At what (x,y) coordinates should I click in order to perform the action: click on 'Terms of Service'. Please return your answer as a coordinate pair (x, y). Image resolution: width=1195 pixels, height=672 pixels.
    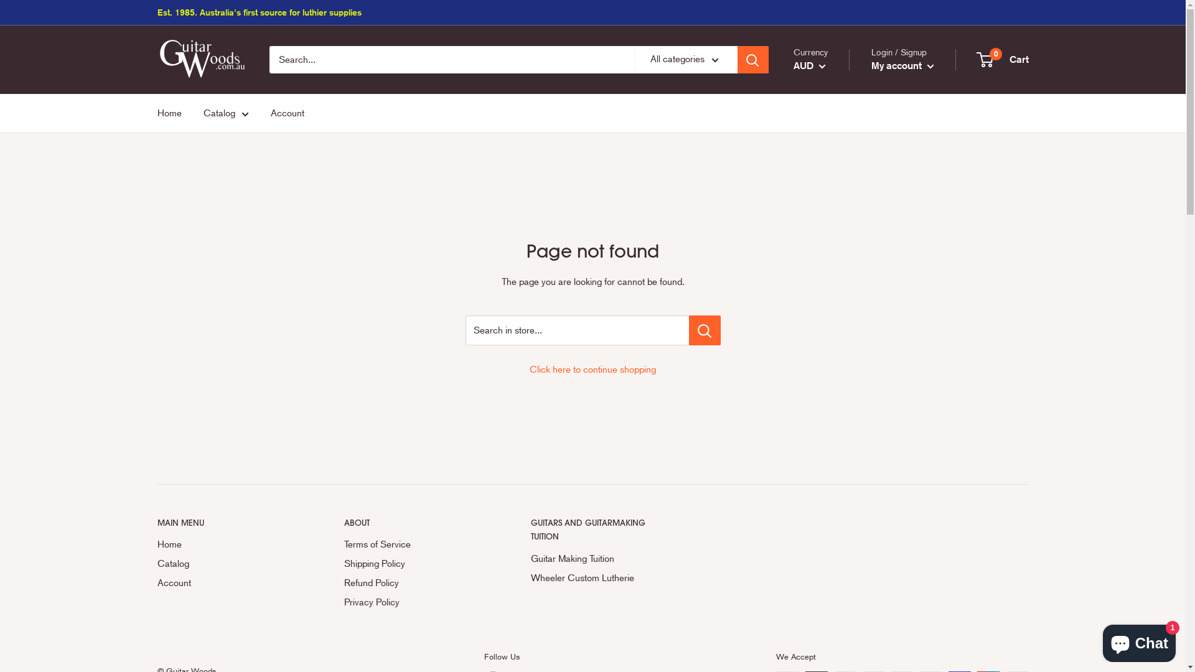
    Looking at the image, I should click on (344, 544).